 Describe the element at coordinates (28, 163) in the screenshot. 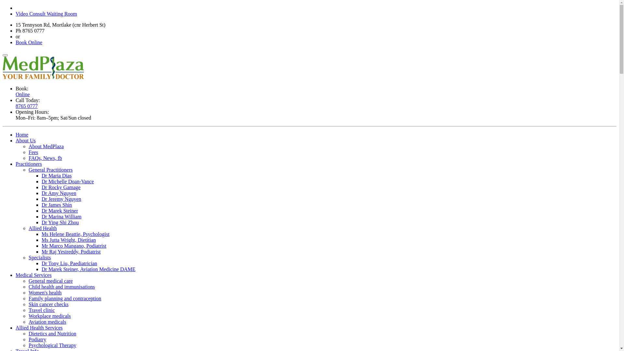

I see `'Practitioners'` at that location.